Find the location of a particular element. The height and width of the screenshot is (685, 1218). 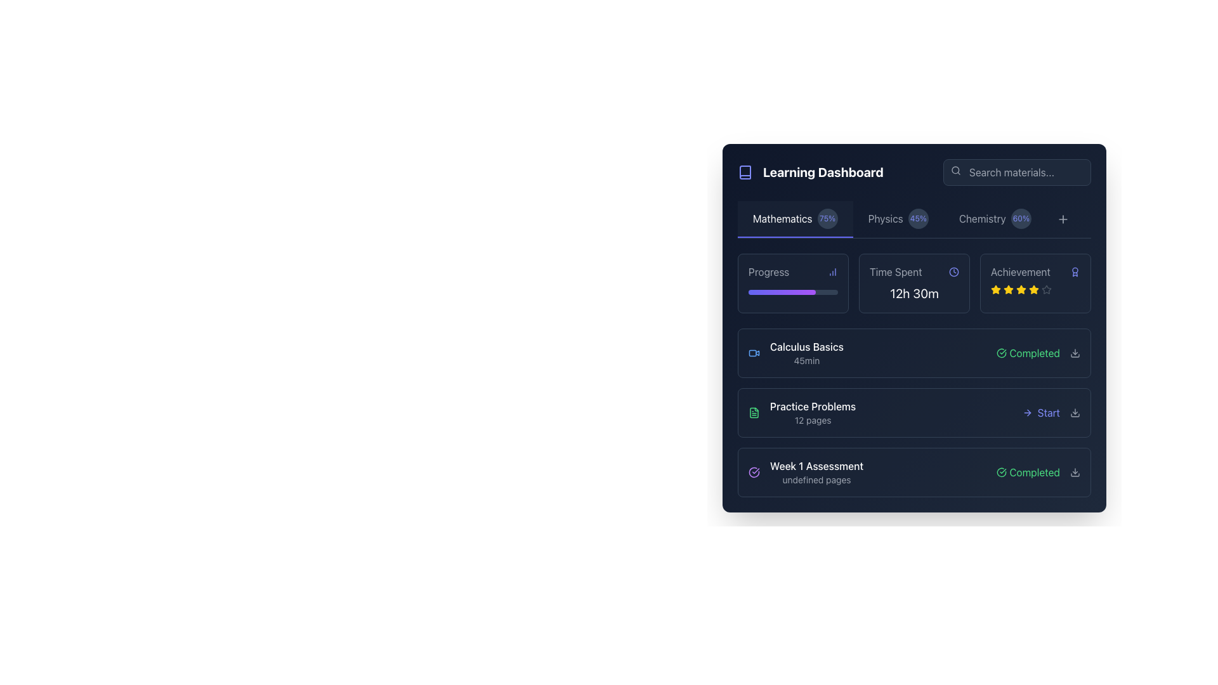

progress bar element that is horizontally aligned beneath the 'Progress' label, displaying a gradient fill from indigo to purple, to check its progress value is located at coordinates (792, 289).